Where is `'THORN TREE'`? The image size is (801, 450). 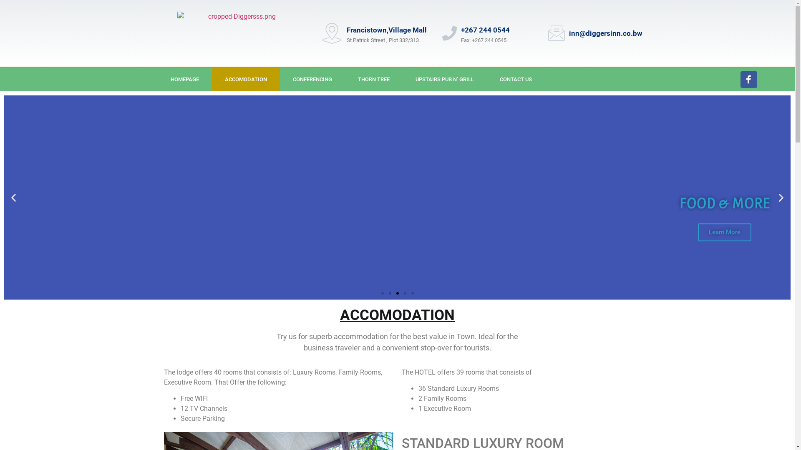
'THORN TREE' is located at coordinates (373, 80).